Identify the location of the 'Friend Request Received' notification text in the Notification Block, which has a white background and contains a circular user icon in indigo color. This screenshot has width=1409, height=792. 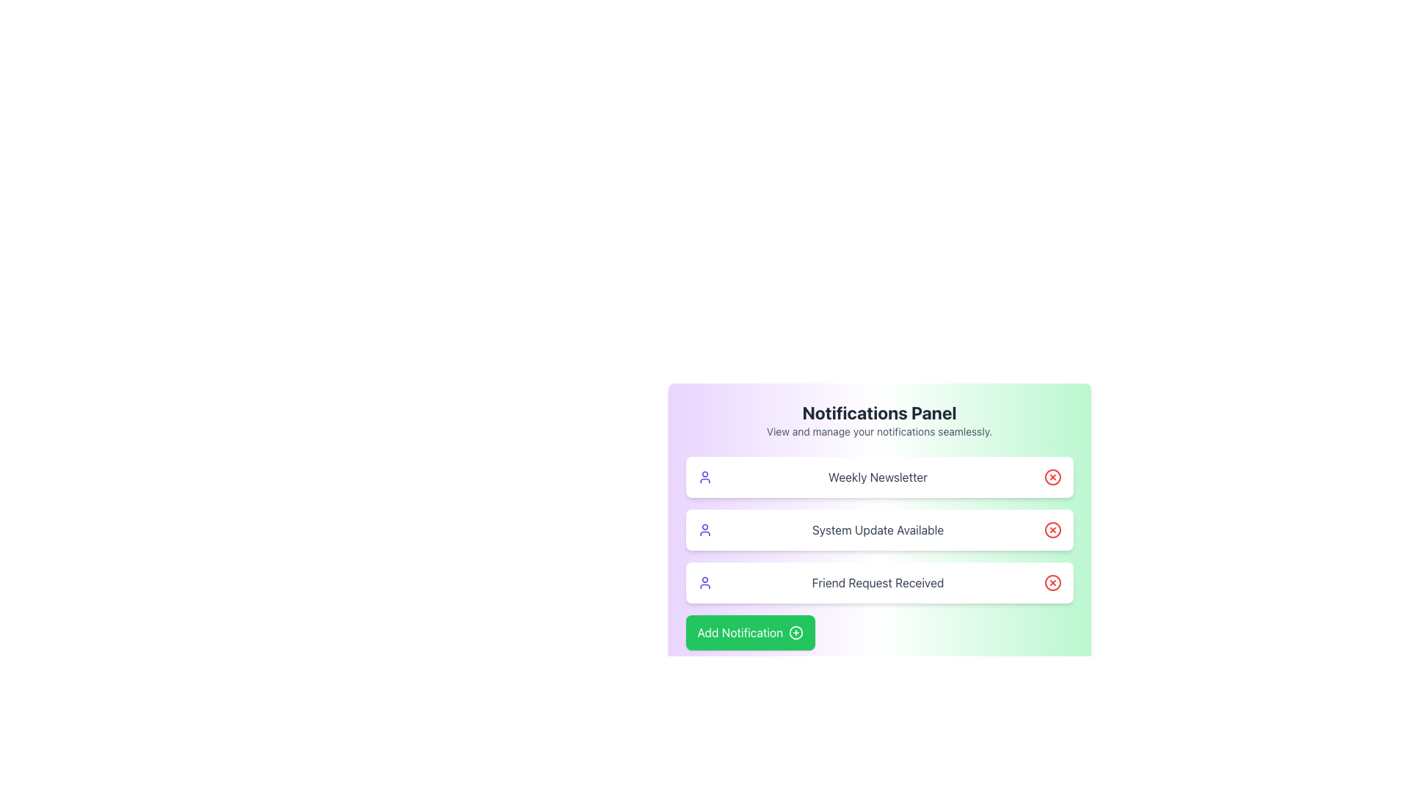
(879, 582).